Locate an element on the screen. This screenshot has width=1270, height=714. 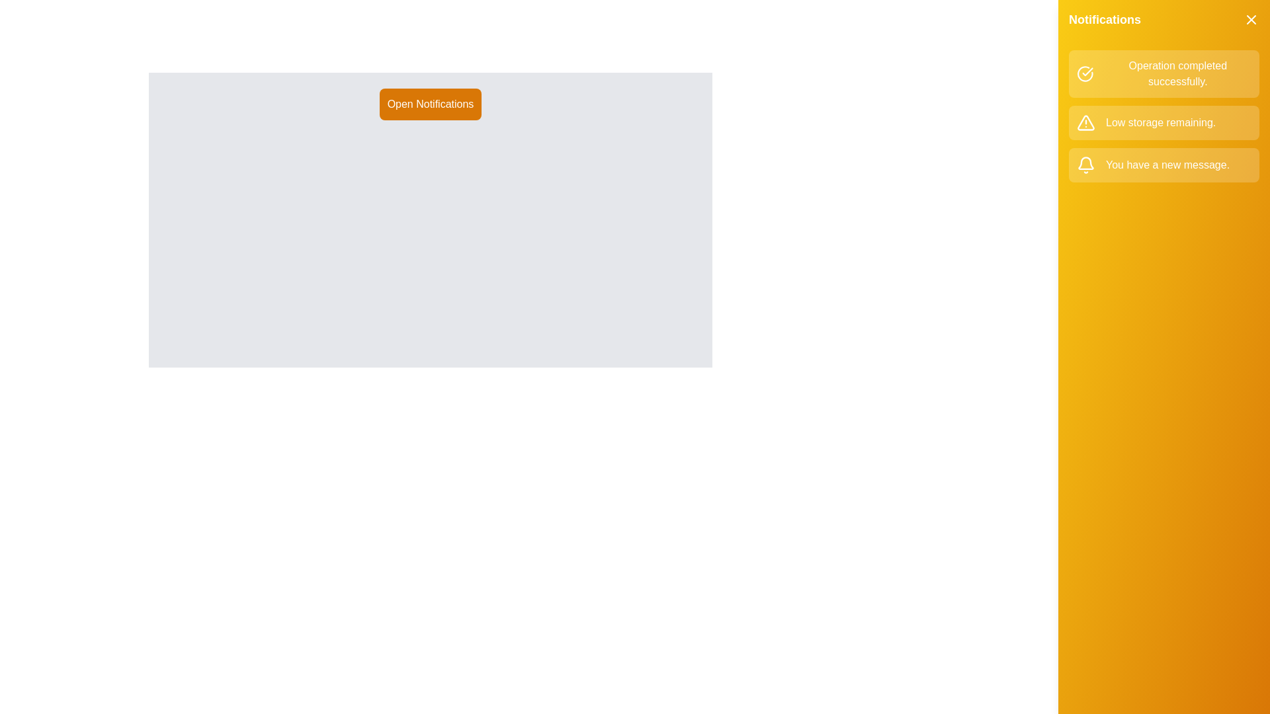
the notification icon corresponding to warning is located at coordinates (1085, 122).